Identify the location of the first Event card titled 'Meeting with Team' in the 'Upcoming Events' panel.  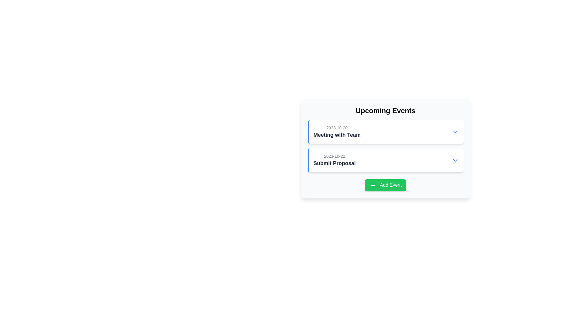
(385, 132).